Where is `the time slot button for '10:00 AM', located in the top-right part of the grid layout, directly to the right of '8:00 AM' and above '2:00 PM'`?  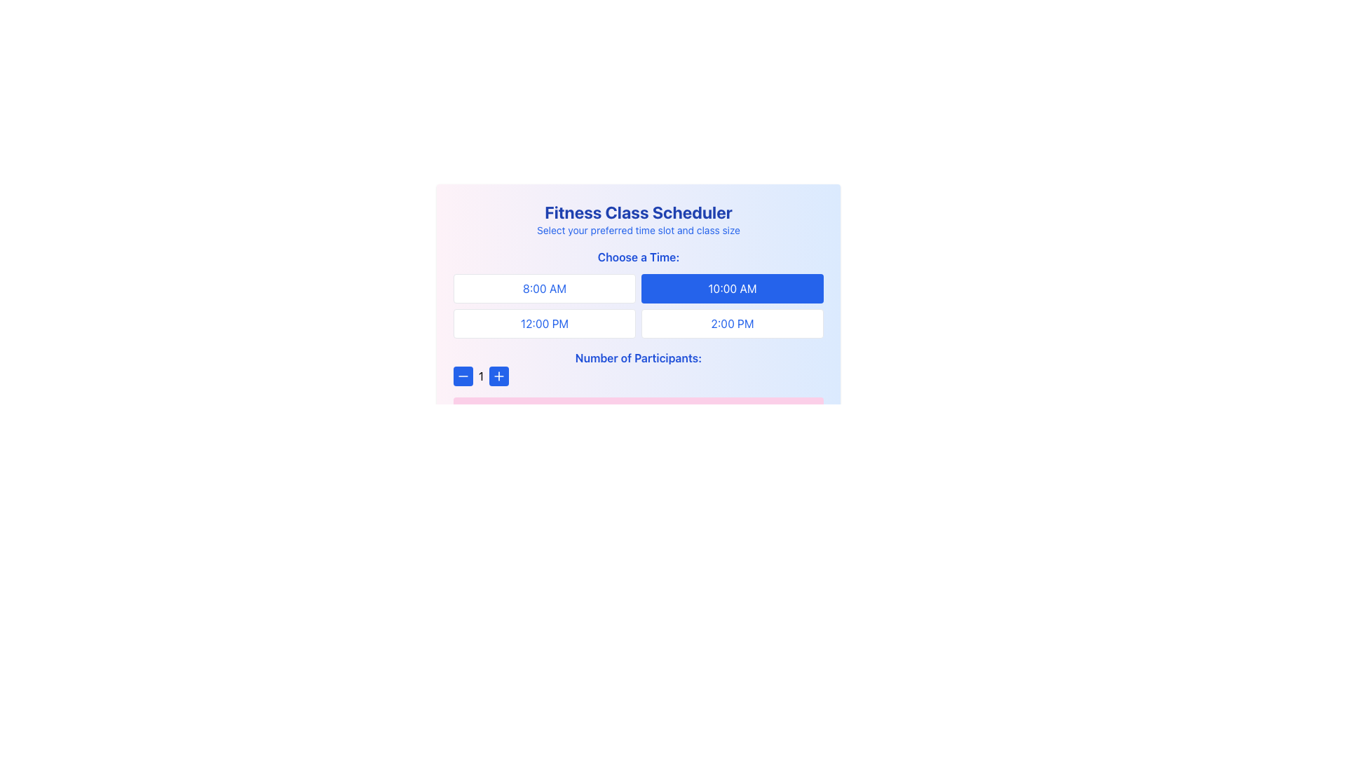 the time slot button for '10:00 AM', located in the top-right part of the grid layout, directly to the right of '8:00 AM' and above '2:00 PM' is located at coordinates (732, 288).